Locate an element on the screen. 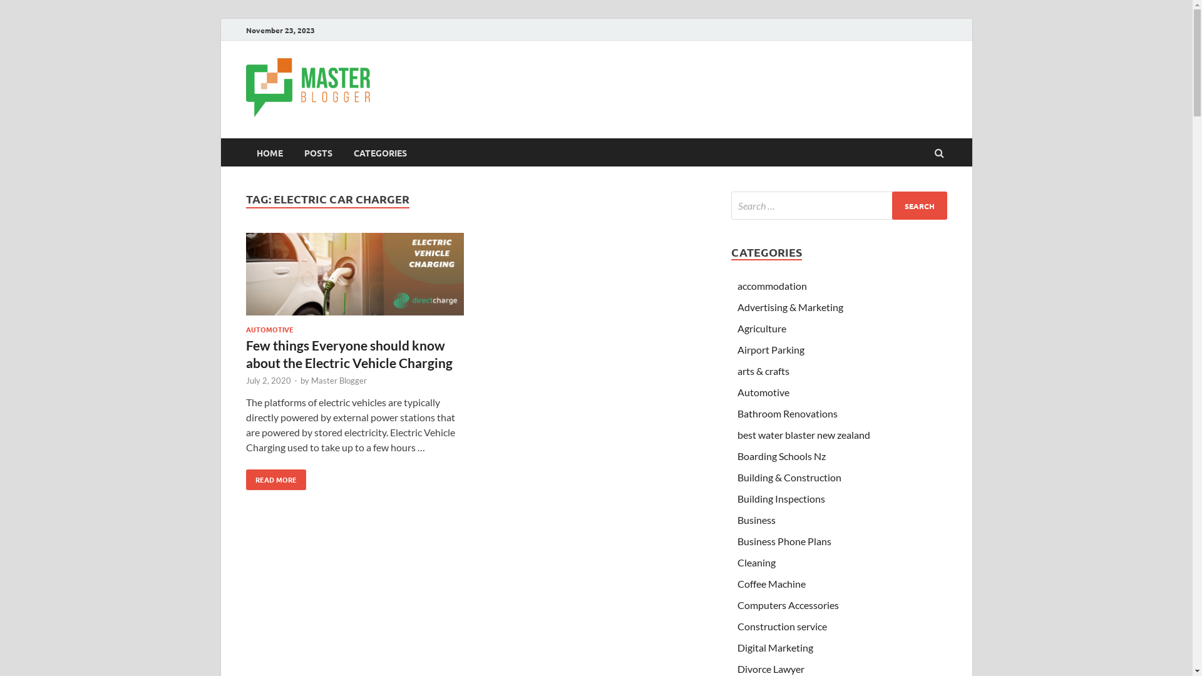  'Divorce Lawyer' is located at coordinates (770, 668).